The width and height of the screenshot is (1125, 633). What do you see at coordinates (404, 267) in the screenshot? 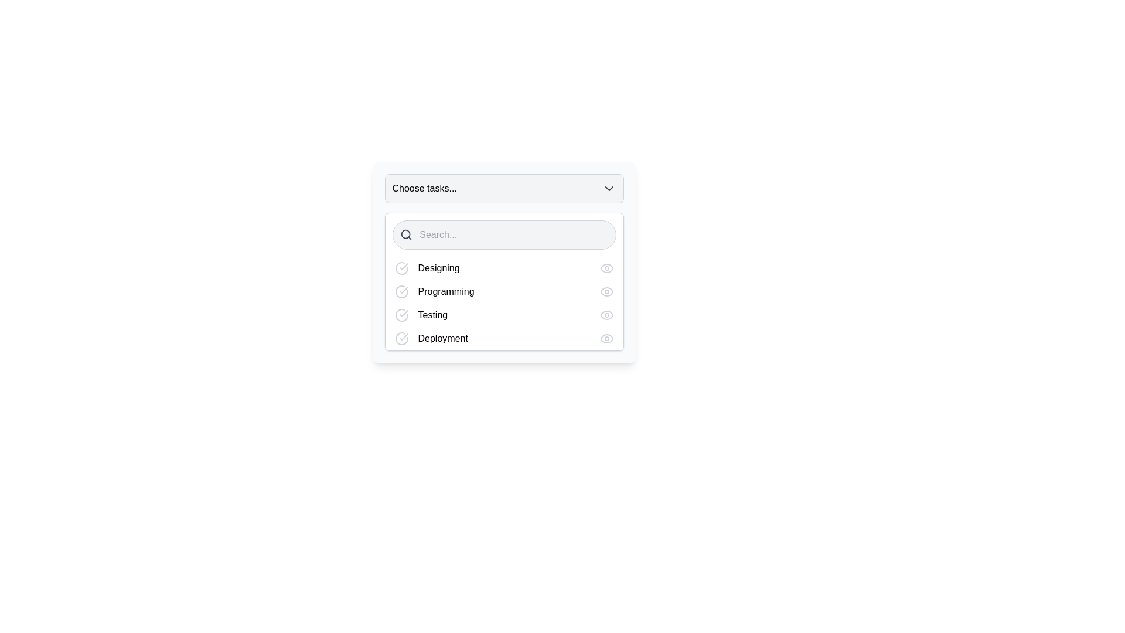
I see `the completion status icon for the task labeled 'Designing' in the dropdown menu` at bounding box center [404, 267].